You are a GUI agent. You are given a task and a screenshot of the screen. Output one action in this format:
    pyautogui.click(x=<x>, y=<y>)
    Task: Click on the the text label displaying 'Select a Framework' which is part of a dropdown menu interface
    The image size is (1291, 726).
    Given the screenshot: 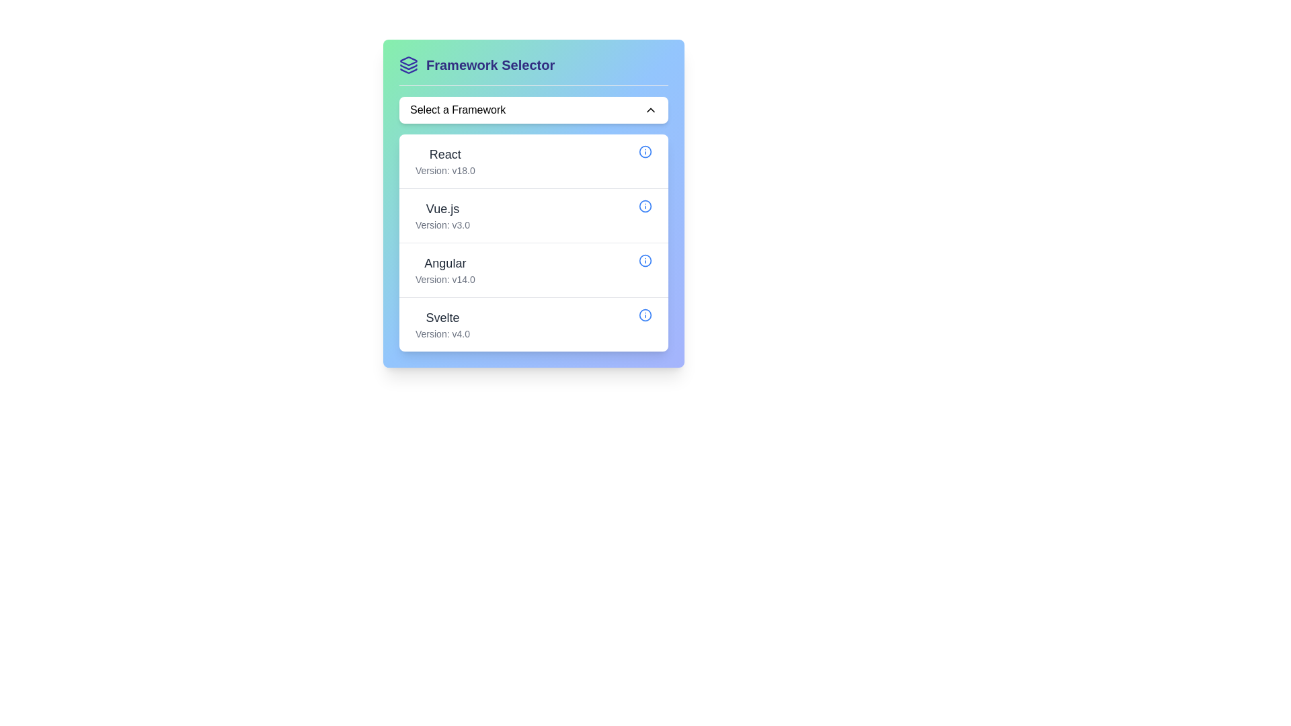 What is the action you would take?
    pyautogui.click(x=458, y=110)
    